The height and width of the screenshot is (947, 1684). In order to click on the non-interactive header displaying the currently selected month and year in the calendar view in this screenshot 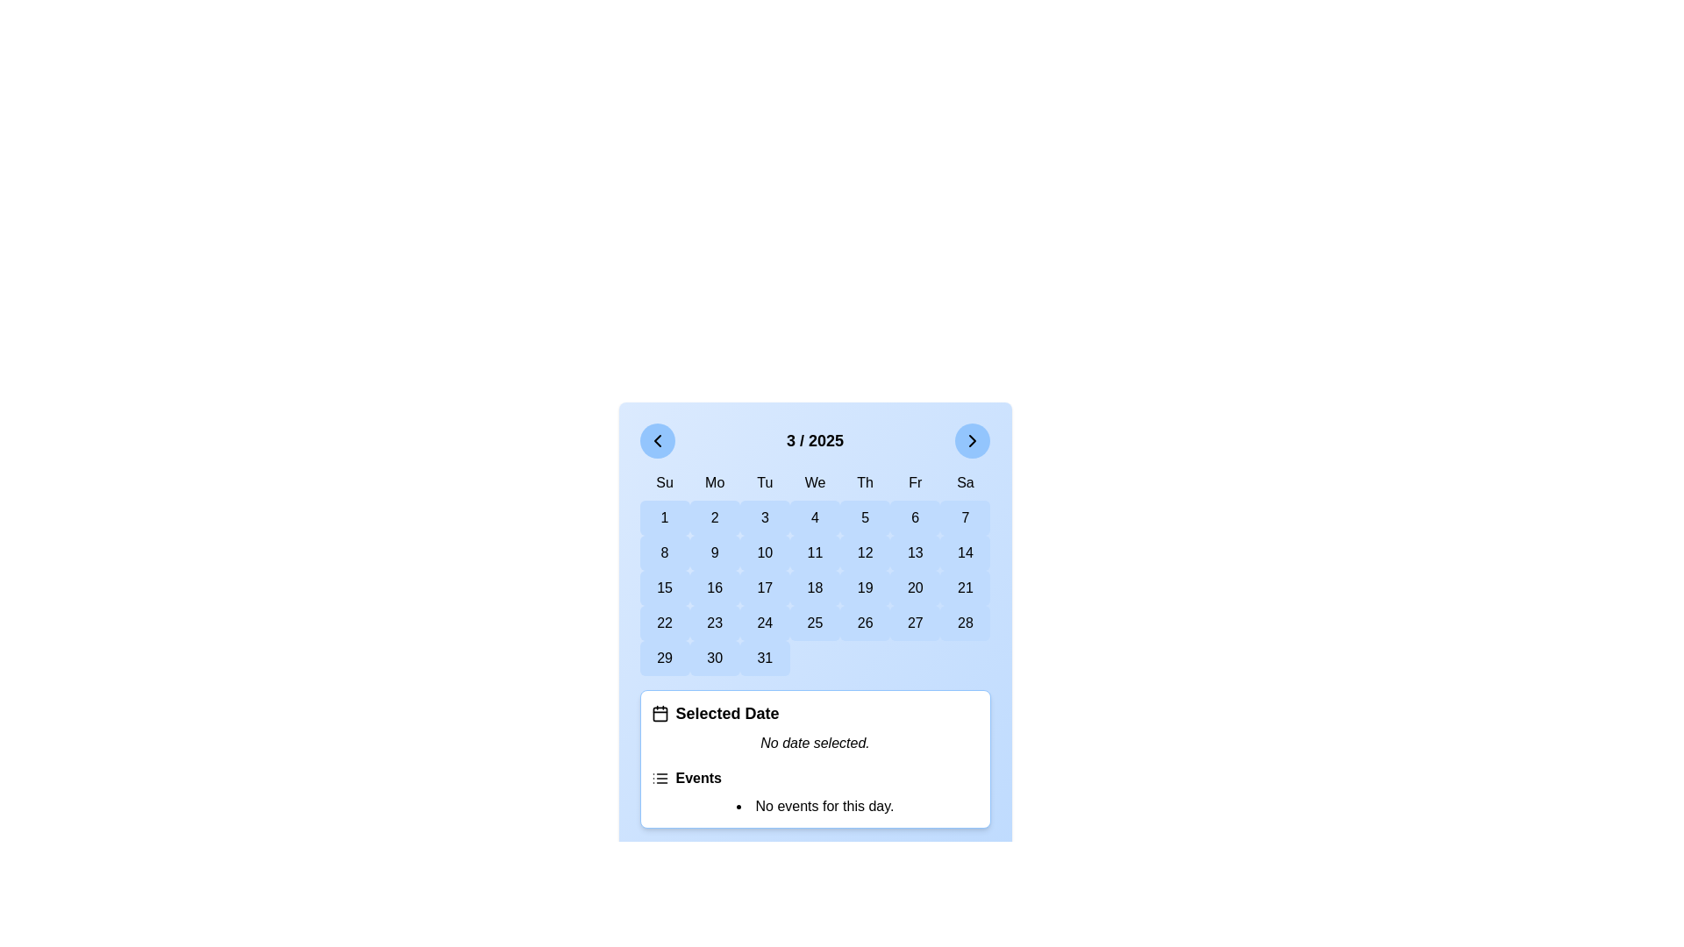, I will do `click(814, 439)`.